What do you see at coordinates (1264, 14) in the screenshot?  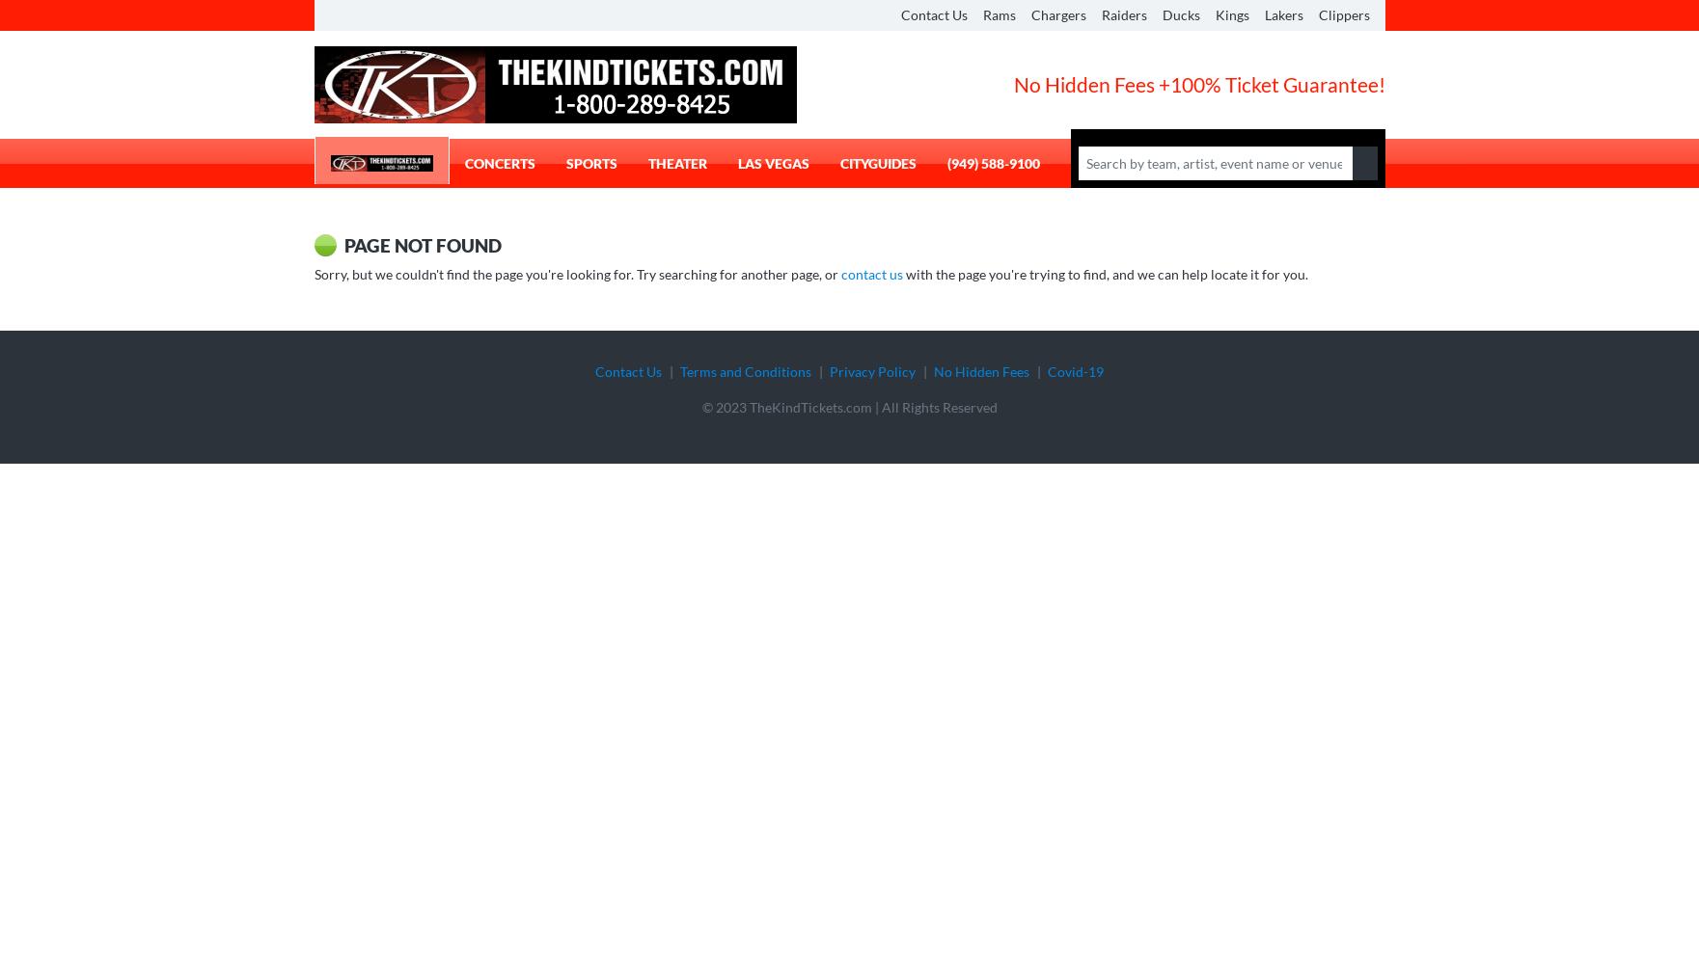 I see `'Lakers'` at bounding box center [1264, 14].